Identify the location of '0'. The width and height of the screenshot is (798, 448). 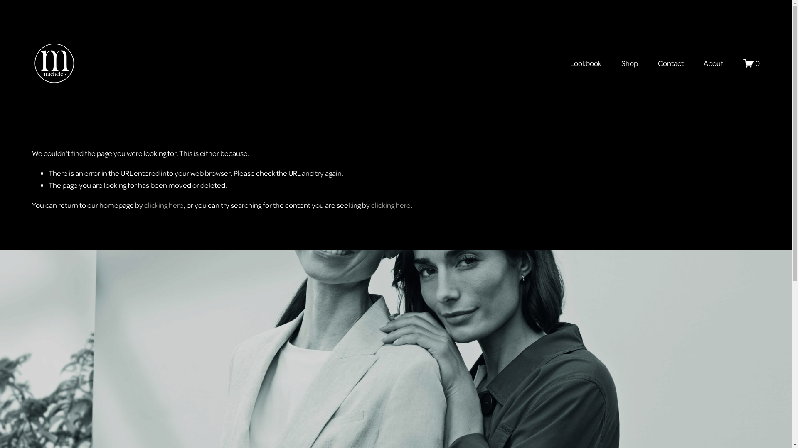
(751, 63).